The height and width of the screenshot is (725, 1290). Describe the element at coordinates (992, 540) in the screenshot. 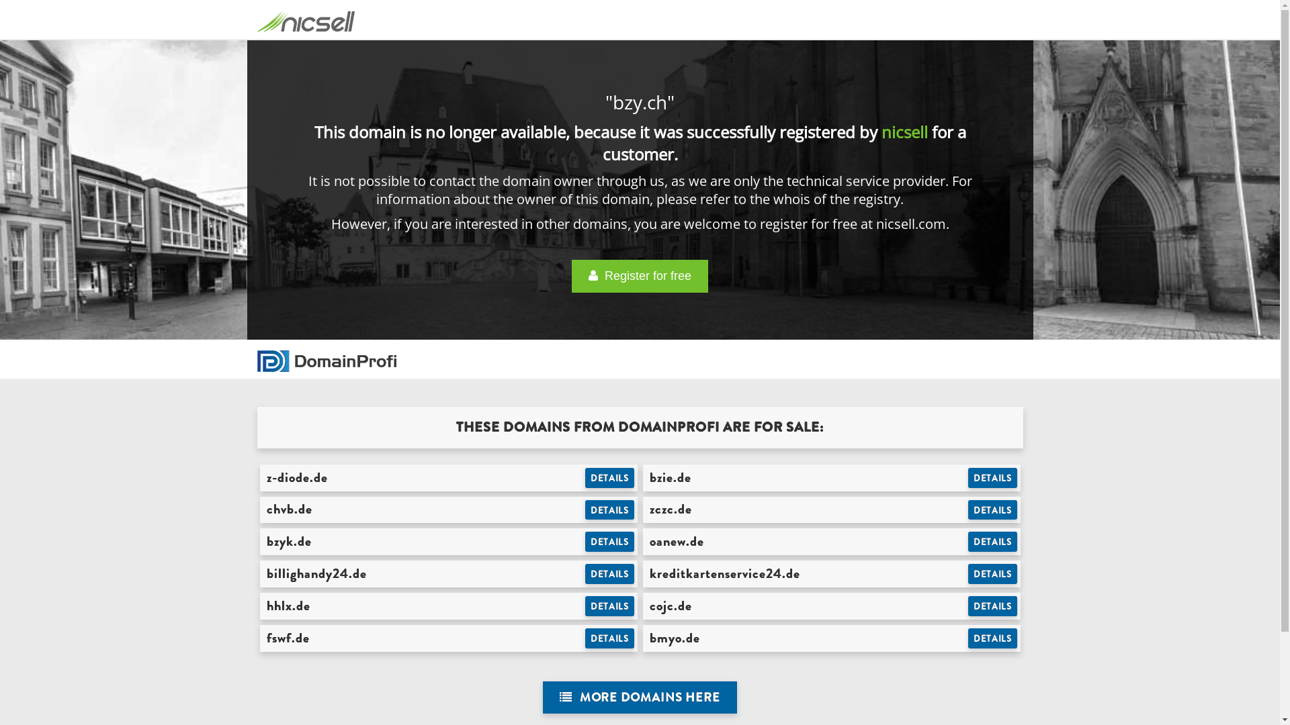

I see `'DETAILS'` at that location.